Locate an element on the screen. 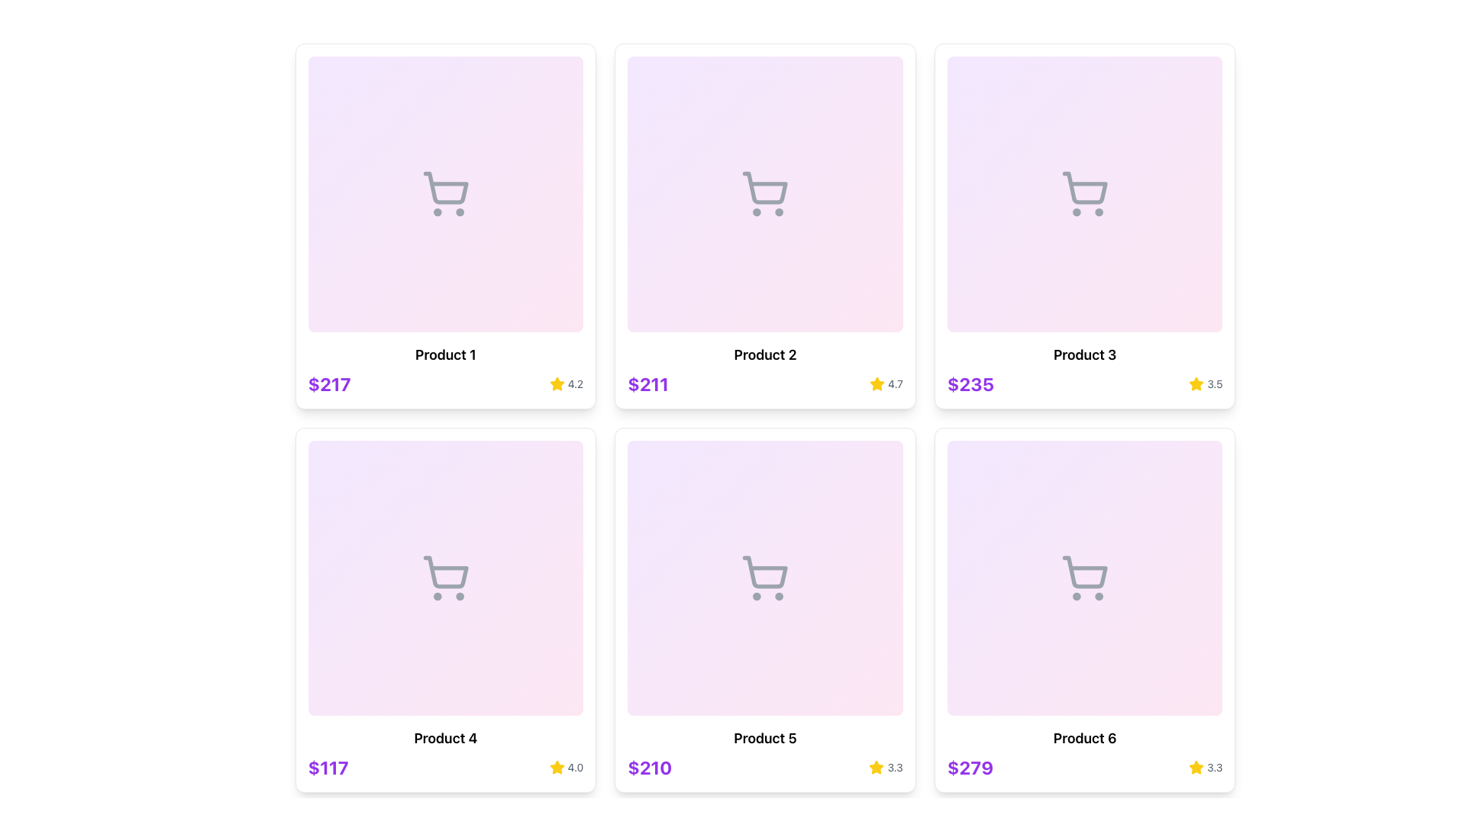  the interactive text button located at the bottom center of the 'Product 1' card is located at coordinates (444, 347).